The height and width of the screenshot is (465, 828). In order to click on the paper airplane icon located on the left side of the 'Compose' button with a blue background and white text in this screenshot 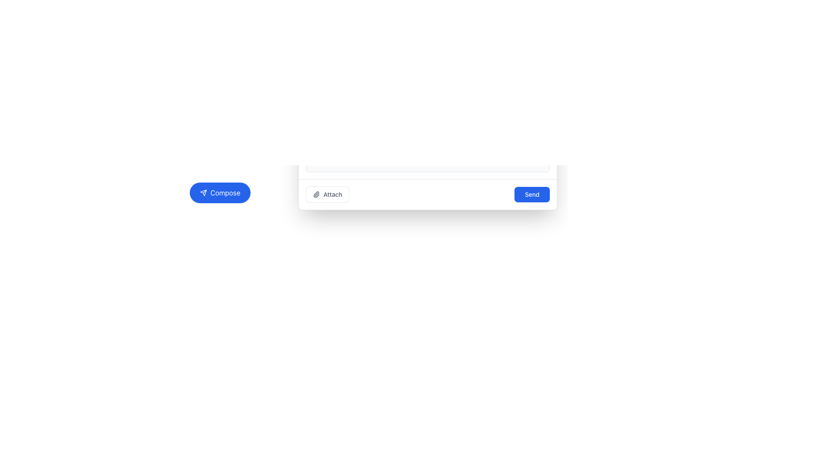, I will do `click(203, 192)`.